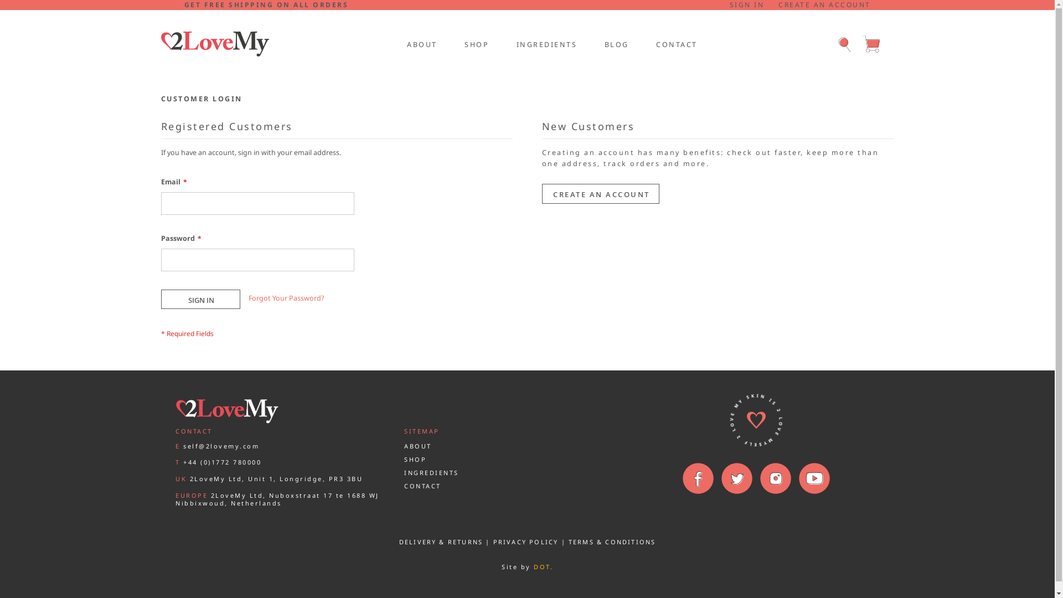  I want to click on 'Facebook', so click(680, 478).